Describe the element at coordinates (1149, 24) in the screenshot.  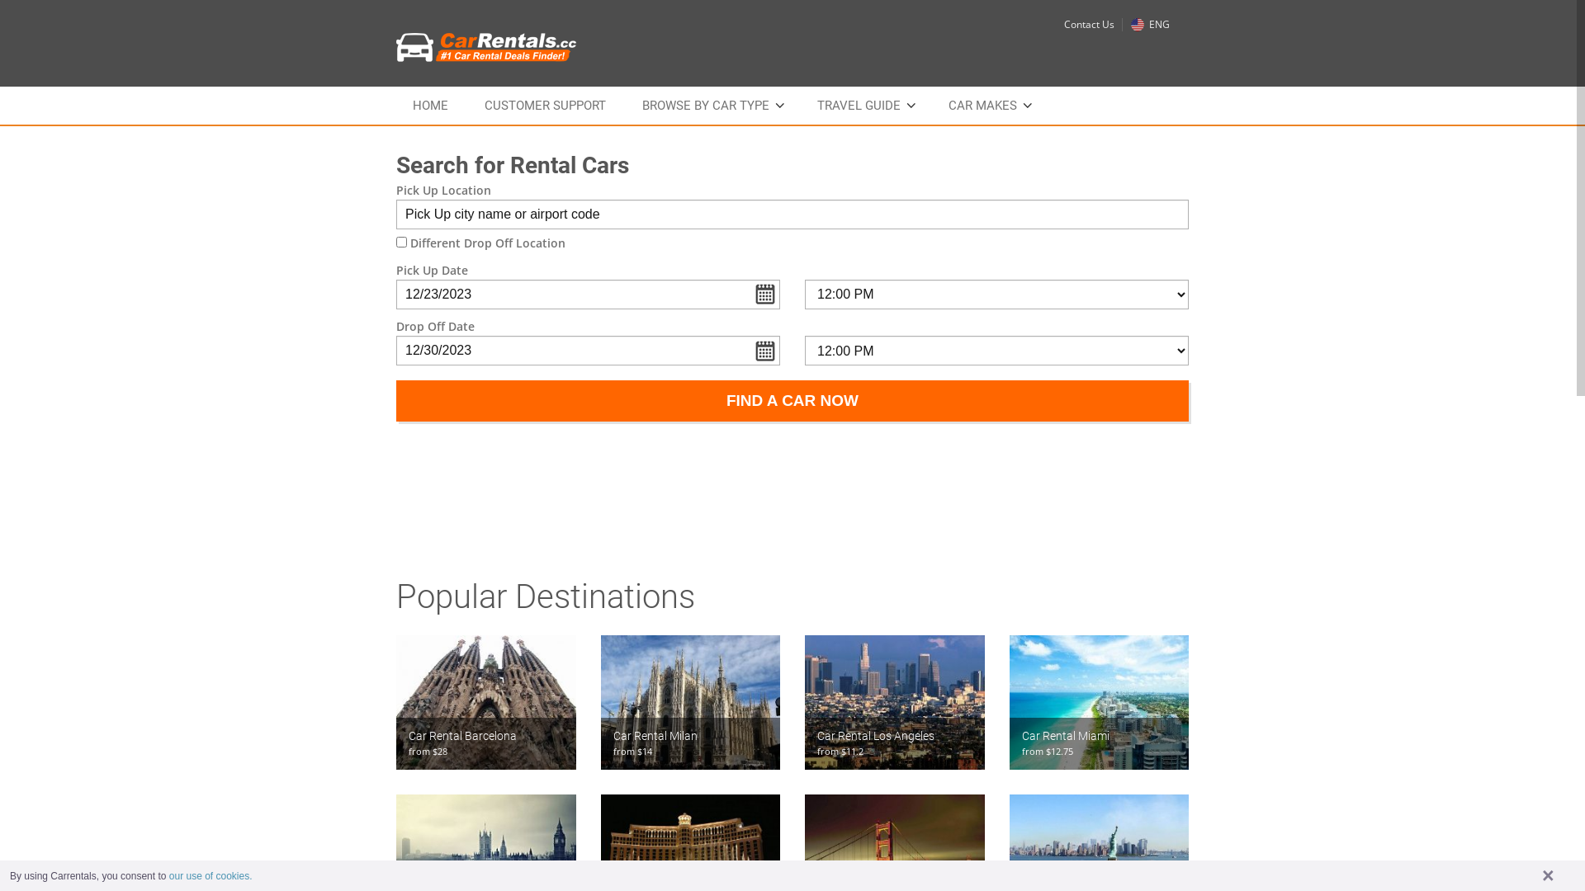
I see `'ENG'` at that location.